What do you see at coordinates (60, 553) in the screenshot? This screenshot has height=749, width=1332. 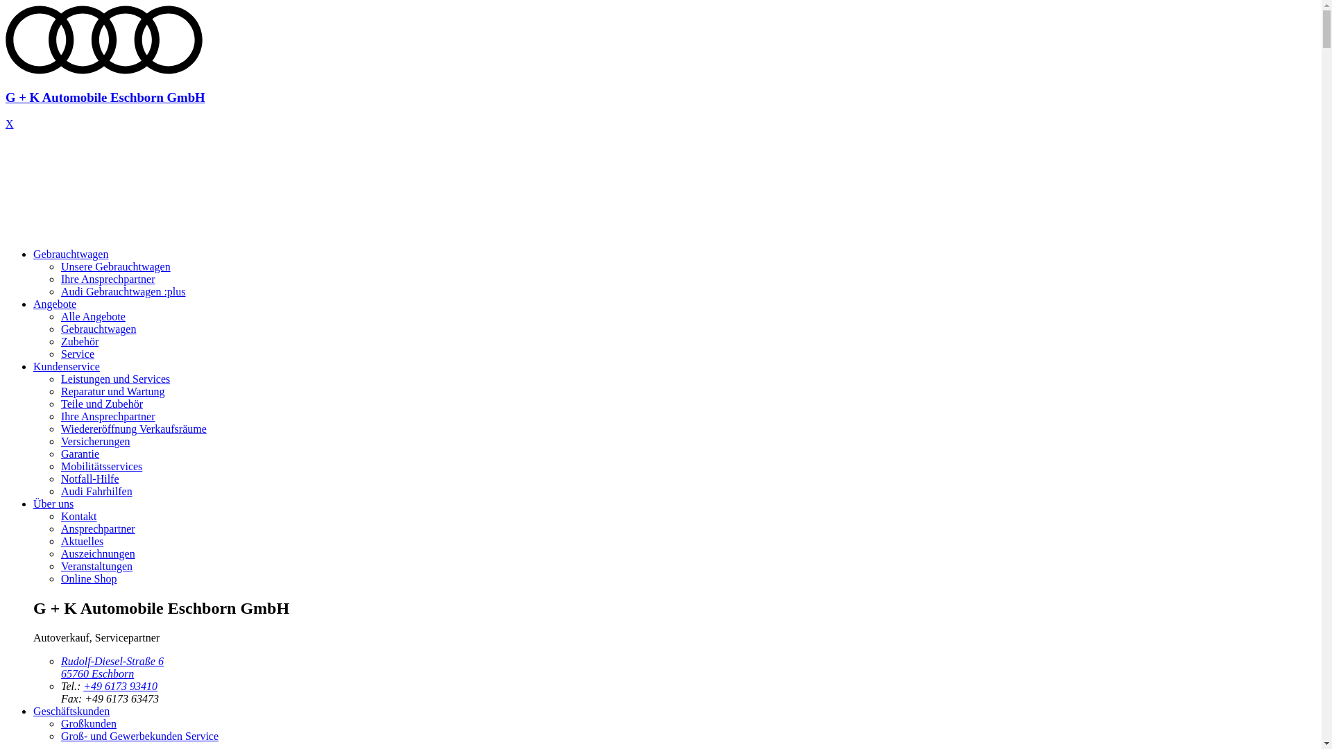 I see `'Auszeichnungen'` at bounding box center [60, 553].